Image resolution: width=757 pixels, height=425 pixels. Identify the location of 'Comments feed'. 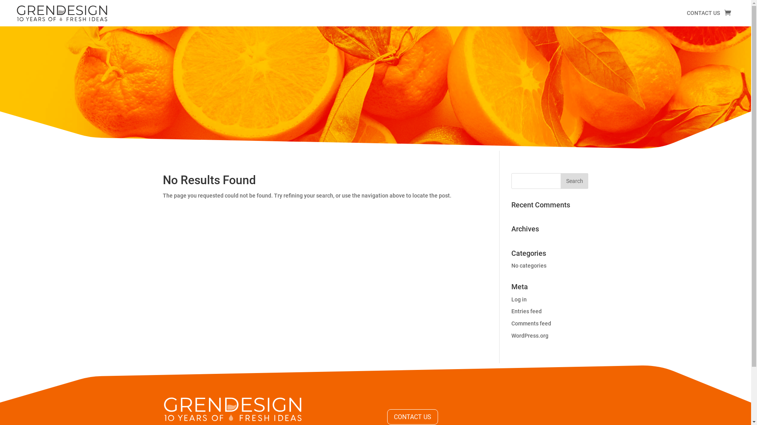
(531, 323).